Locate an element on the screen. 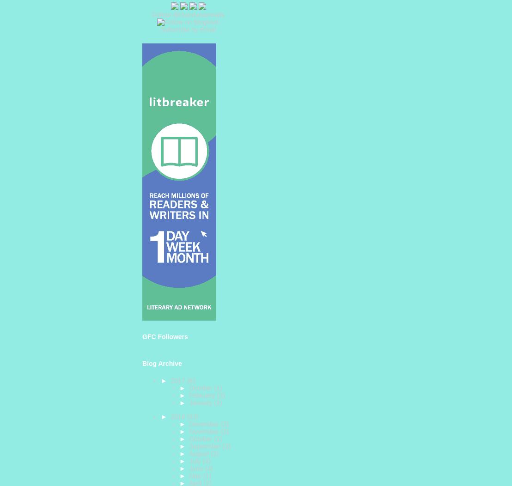 The image size is (512, 486). 'GFC Followers' is located at coordinates (164, 336).